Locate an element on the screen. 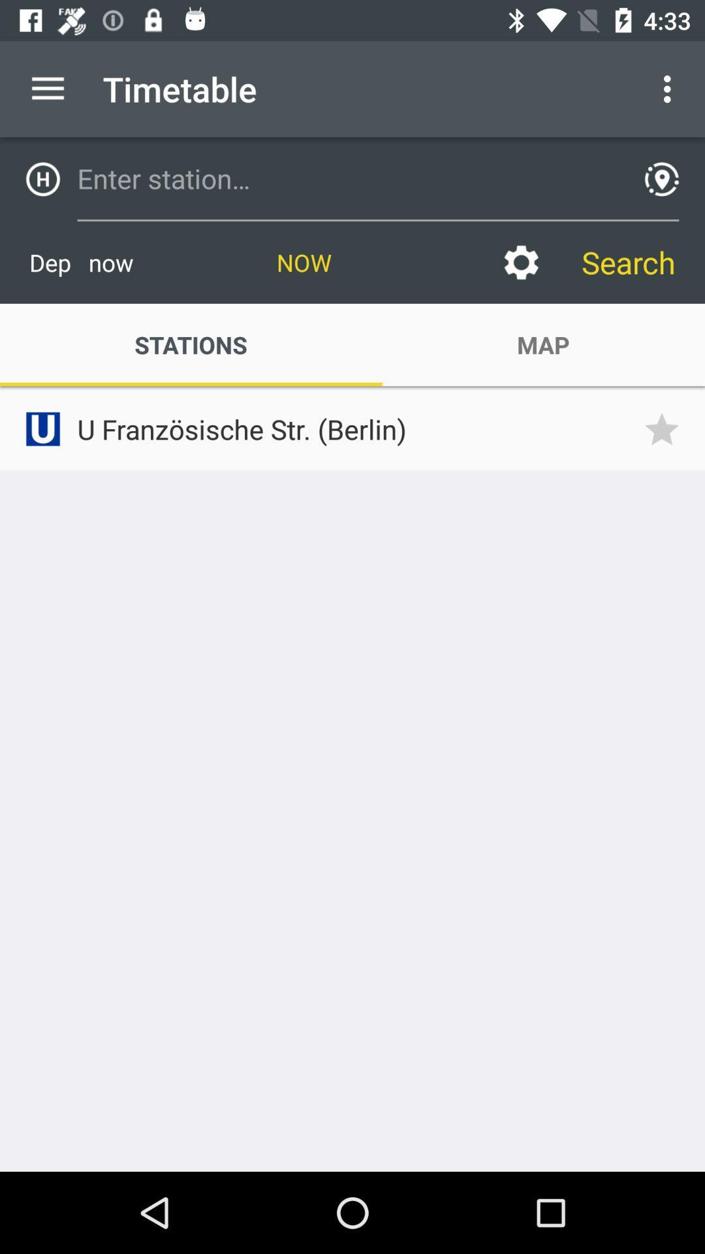 The height and width of the screenshot is (1254, 705). station is located at coordinates (347, 178).